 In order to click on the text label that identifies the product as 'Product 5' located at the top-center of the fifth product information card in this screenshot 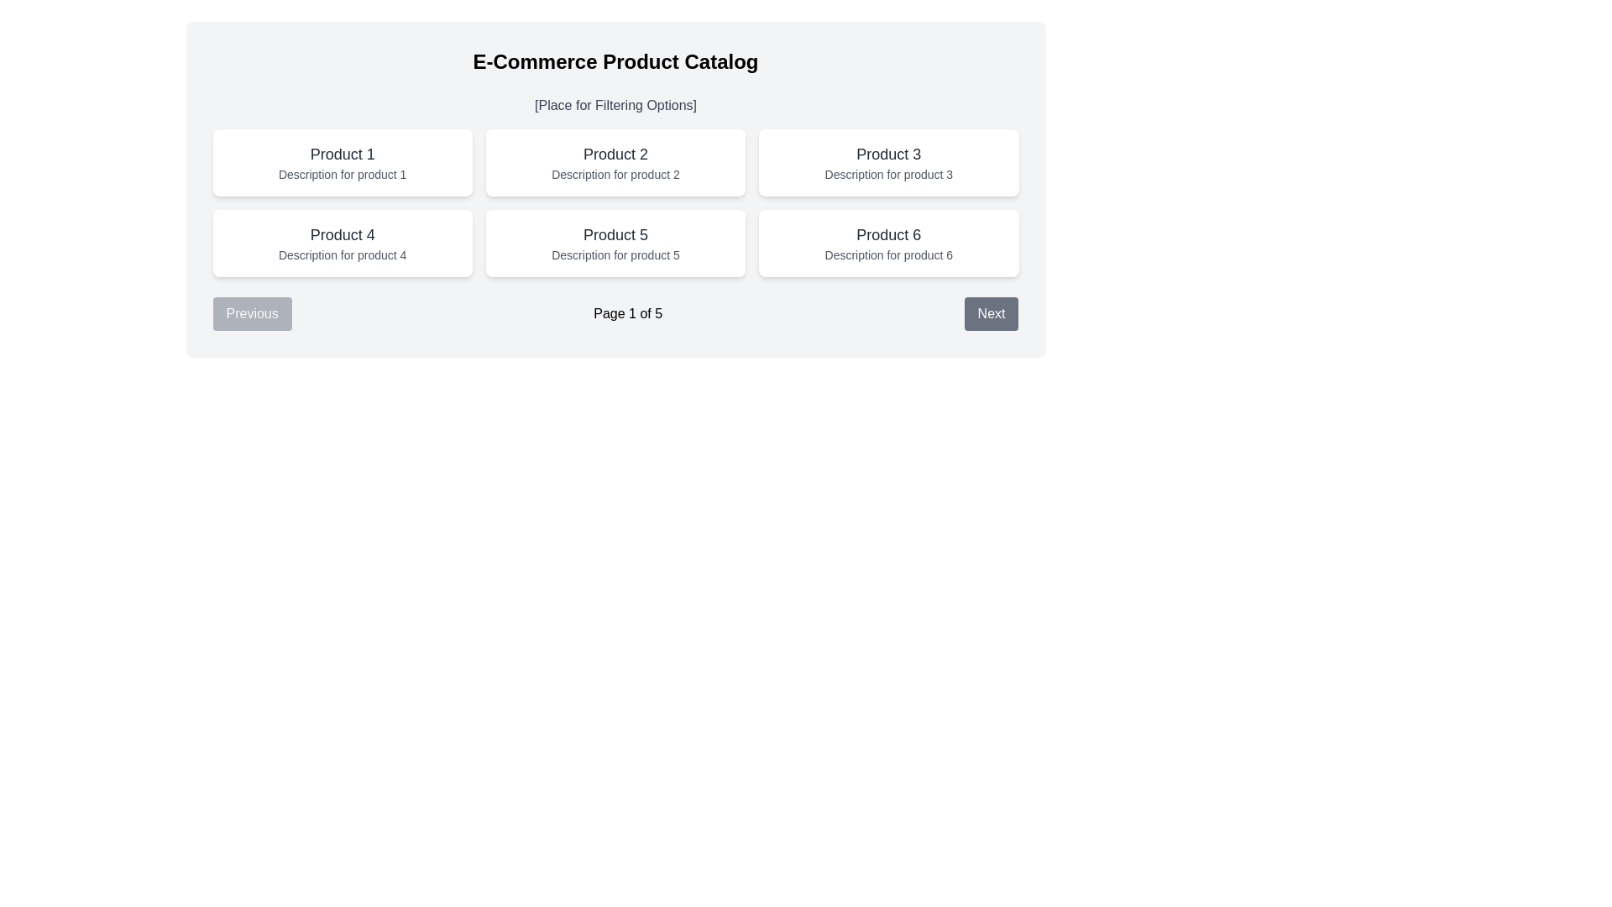, I will do `click(615, 235)`.